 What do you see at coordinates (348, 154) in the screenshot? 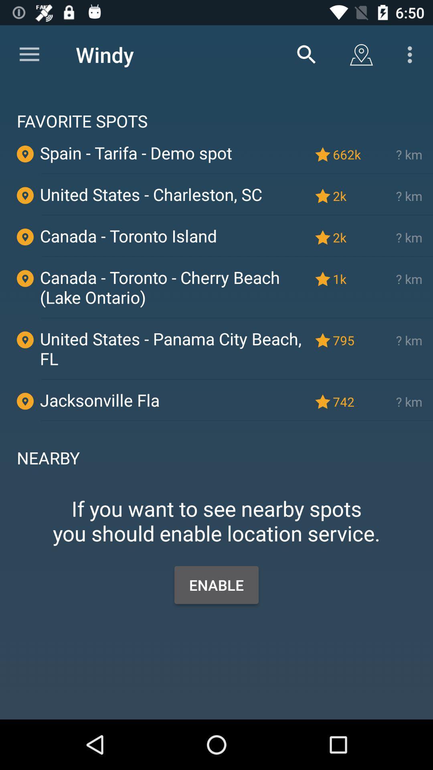
I see `662k item` at bounding box center [348, 154].